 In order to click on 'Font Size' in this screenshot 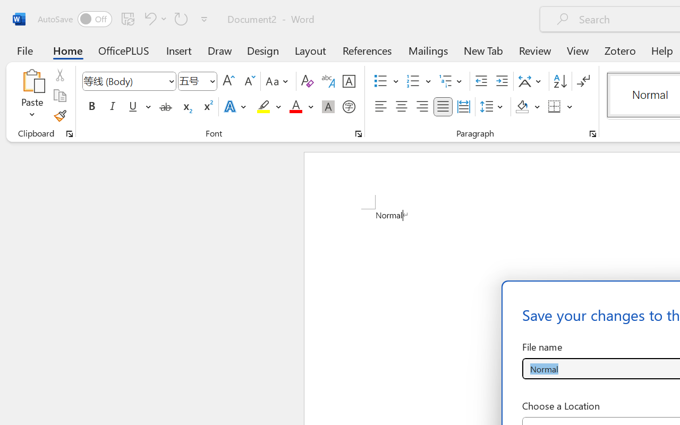, I will do `click(198, 81)`.